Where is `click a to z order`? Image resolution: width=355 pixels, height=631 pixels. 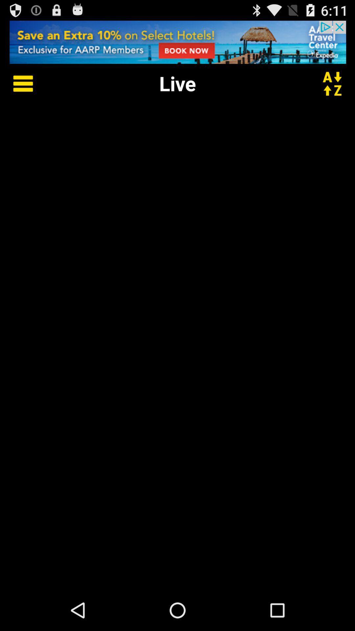 click a to z order is located at coordinates (336, 83).